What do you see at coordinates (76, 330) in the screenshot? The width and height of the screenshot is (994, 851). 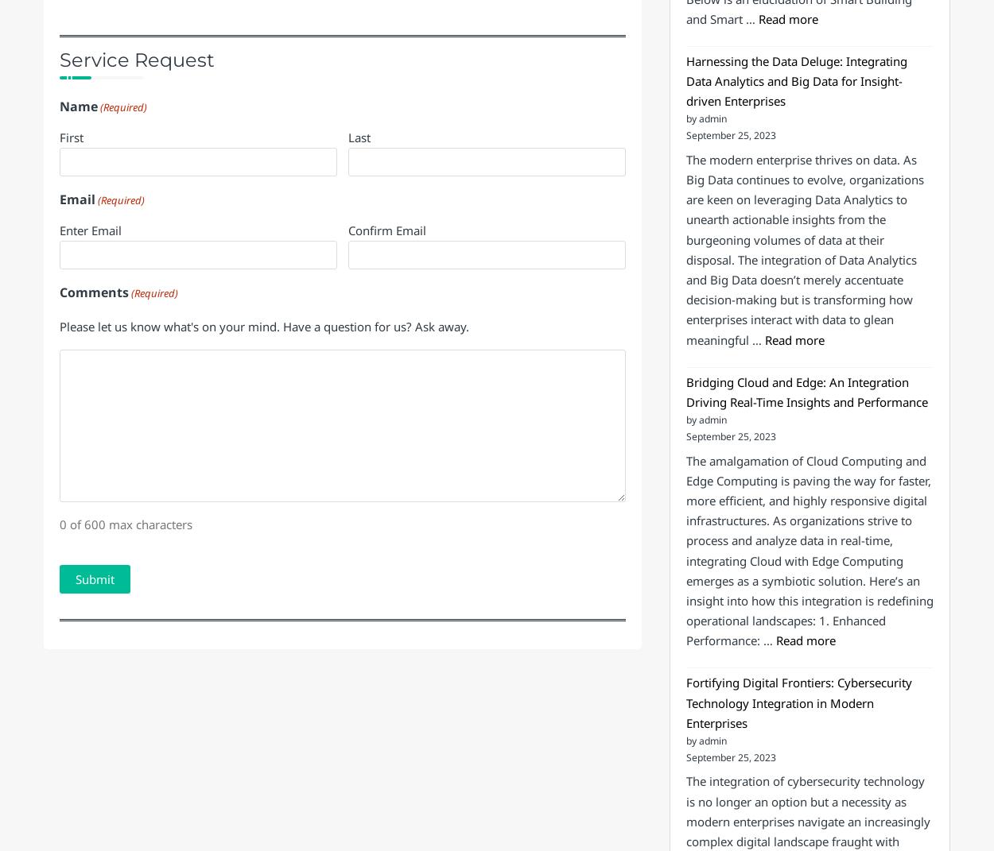 I see `'Email'` at bounding box center [76, 330].